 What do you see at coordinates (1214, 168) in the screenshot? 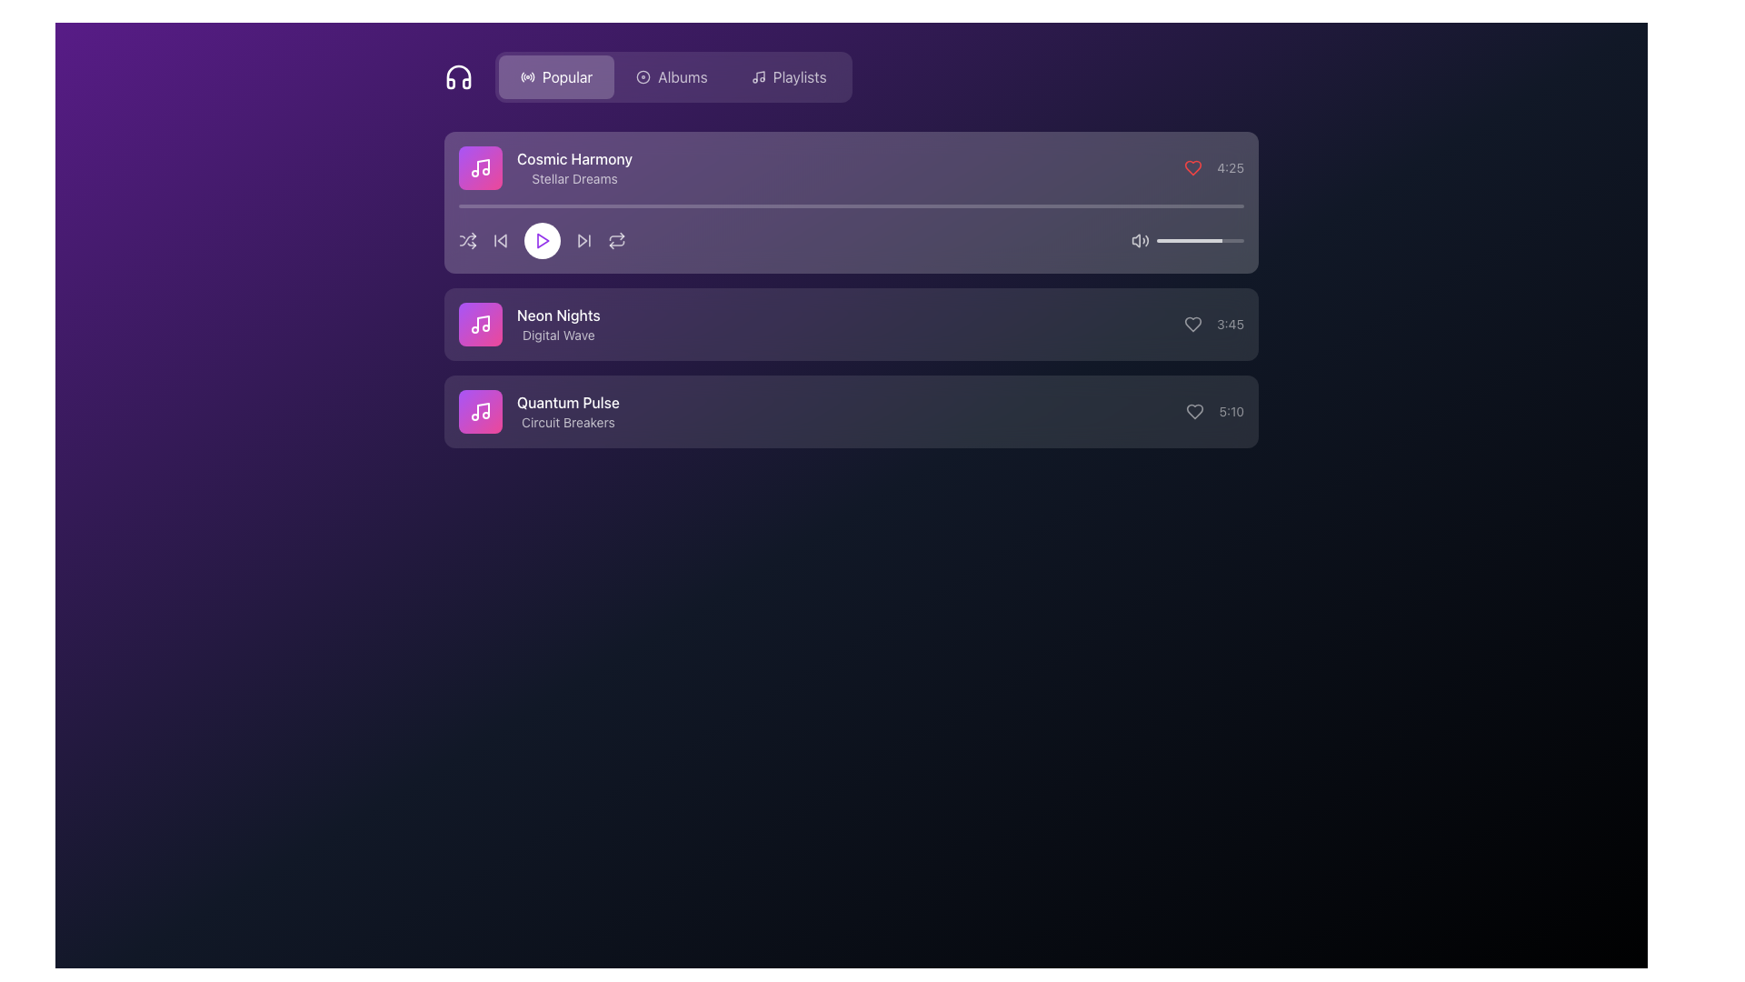
I see `the red heart icon to like the track, located next to the gray text label displaying '4:25' in the top-right corner of the first music item card` at bounding box center [1214, 168].